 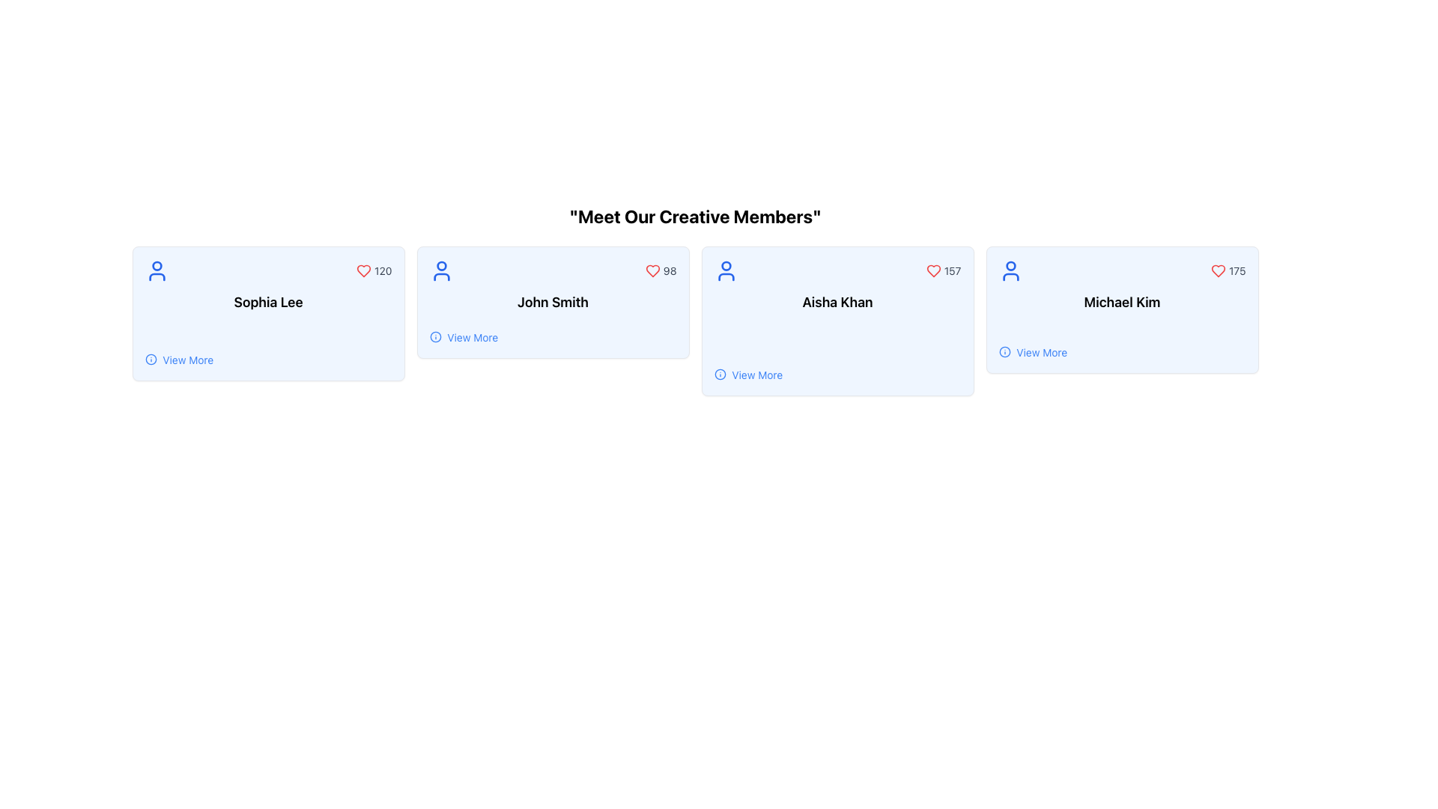 What do you see at coordinates (463, 337) in the screenshot?
I see `the 'View More' hyperlink with an icon located at the bottom-left corner of the card for 'John Smith'` at bounding box center [463, 337].